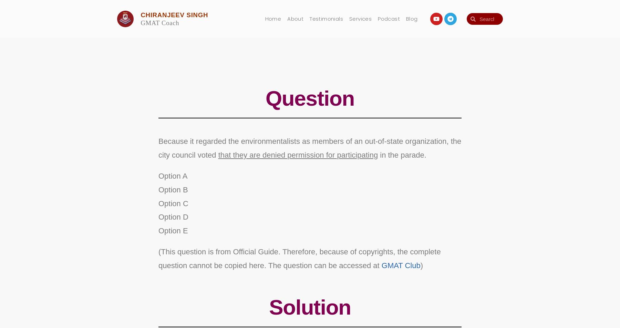  Describe the element at coordinates (298, 154) in the screenshot. I see `'that they are denied permission for participating'` at that location.